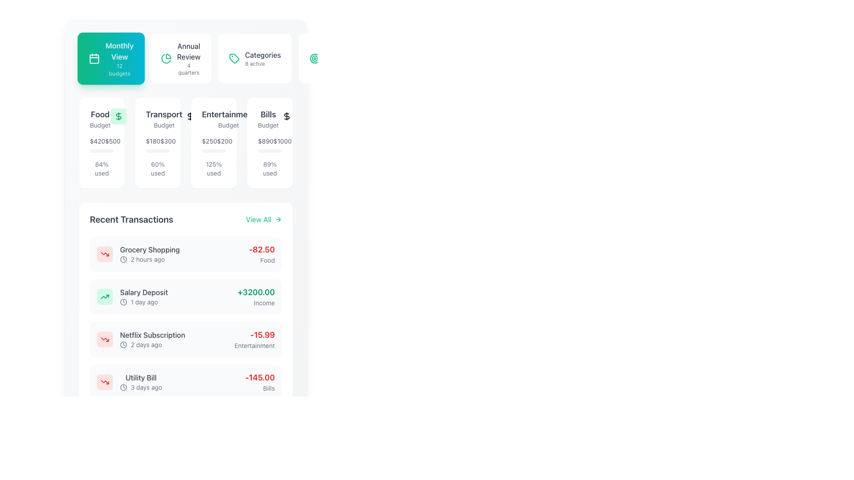 The image size is (854, 480). What do you see at coordinates (254, 63) in the screenshot?
I see `the text label displaying '8 active', which is located beneath the 'Categories' heading in the top section of the interface` at bounding box center [254, 63].